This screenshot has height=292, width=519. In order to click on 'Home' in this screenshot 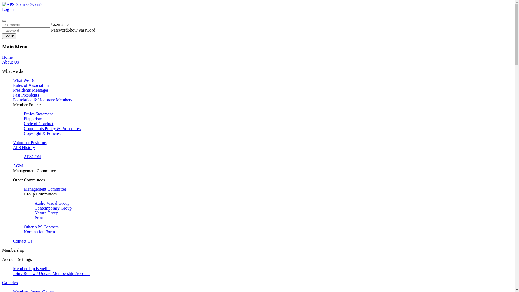, I will do `click(7, 57)`.